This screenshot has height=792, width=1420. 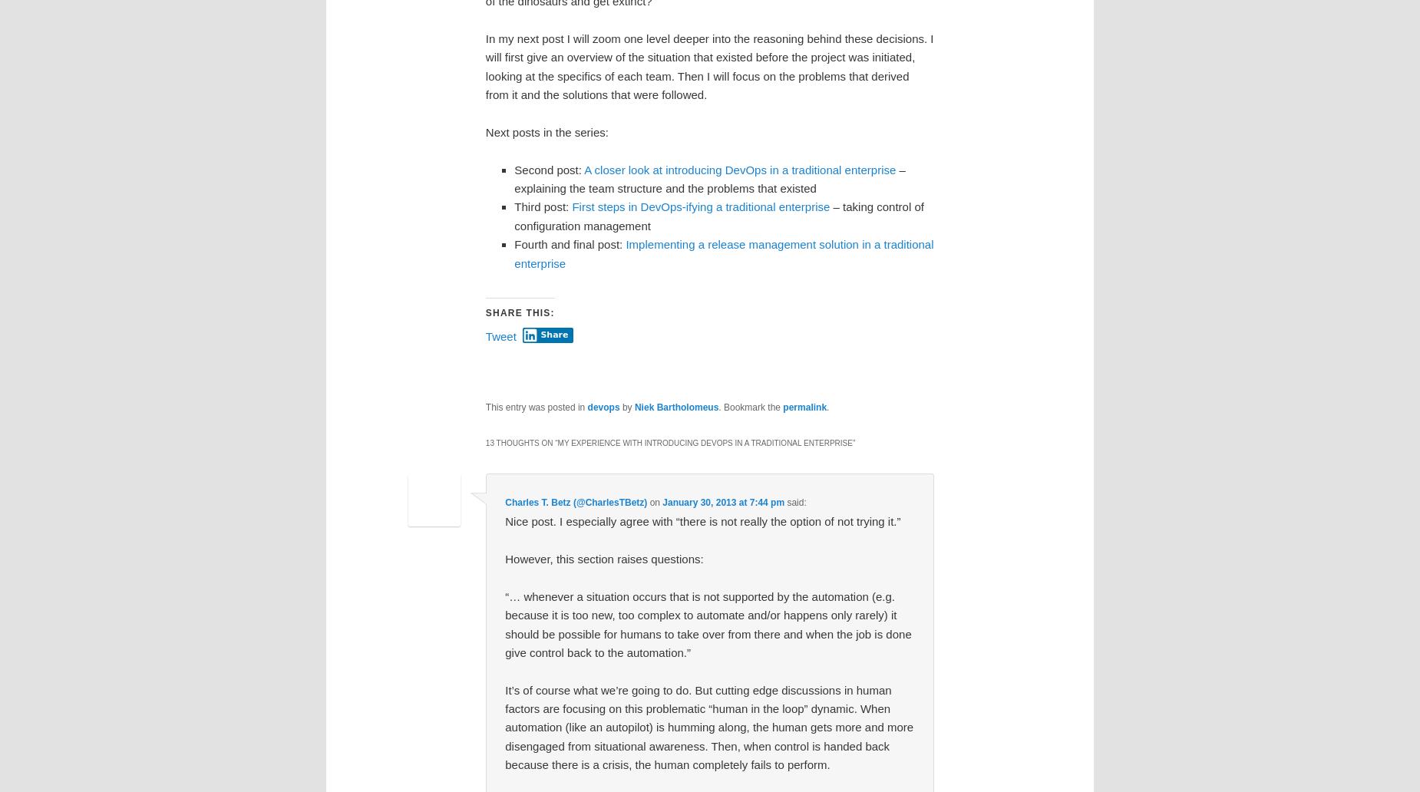 I want to click on 'Implementing a release management solution in a traditional enterprise', so click(x=722, y=253).